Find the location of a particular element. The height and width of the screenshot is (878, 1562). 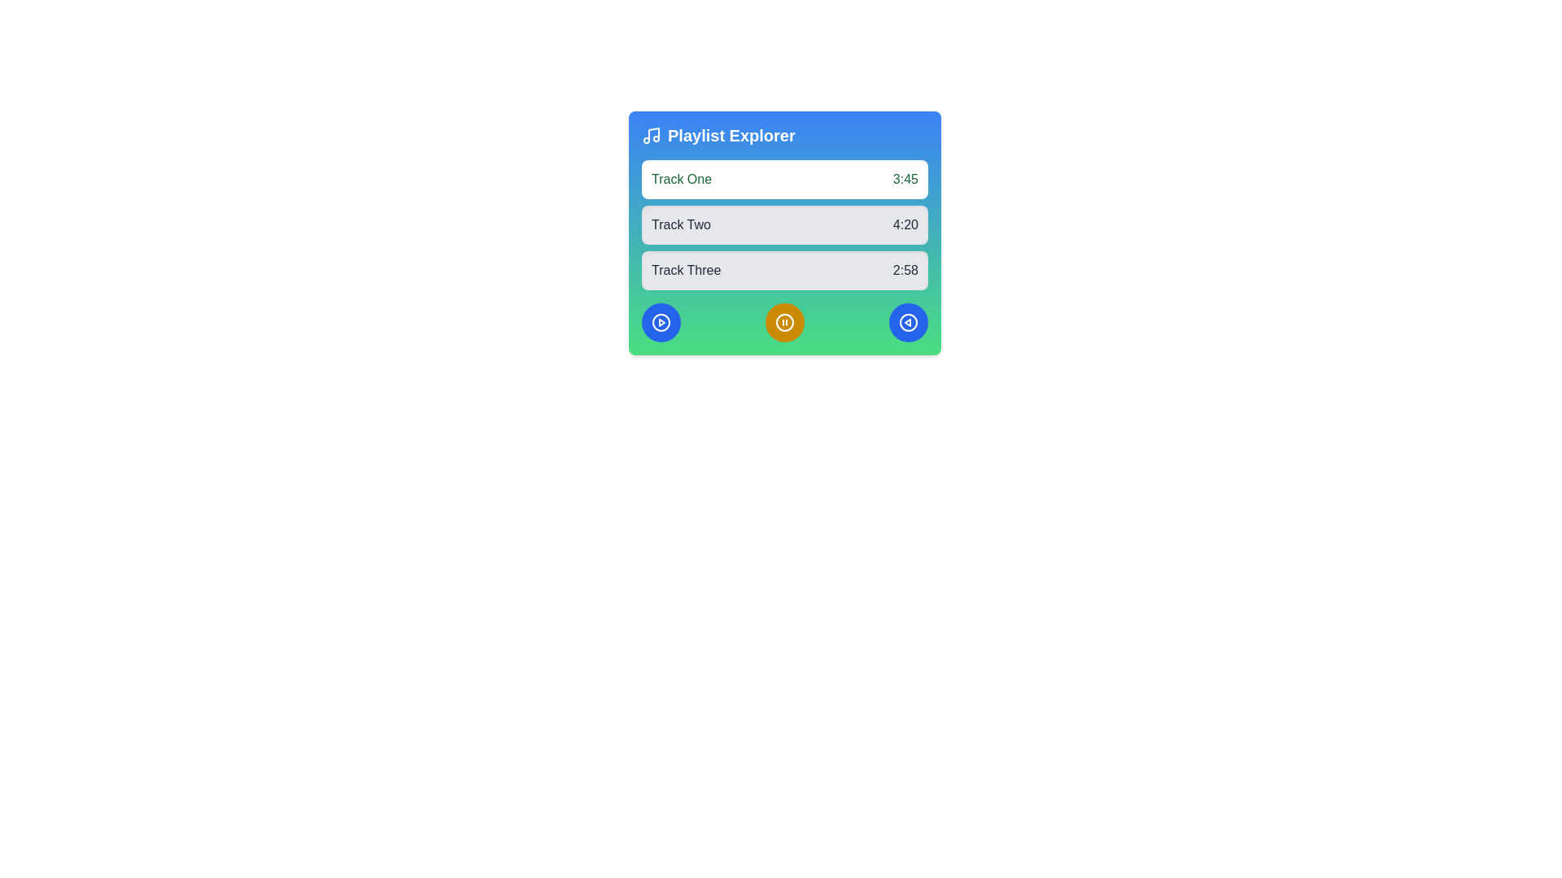

displayed text from the rightmost text label indicating the duration of 'Track Three' located in the third list item of a vertically stacked list is located at coordinates (905, 269).